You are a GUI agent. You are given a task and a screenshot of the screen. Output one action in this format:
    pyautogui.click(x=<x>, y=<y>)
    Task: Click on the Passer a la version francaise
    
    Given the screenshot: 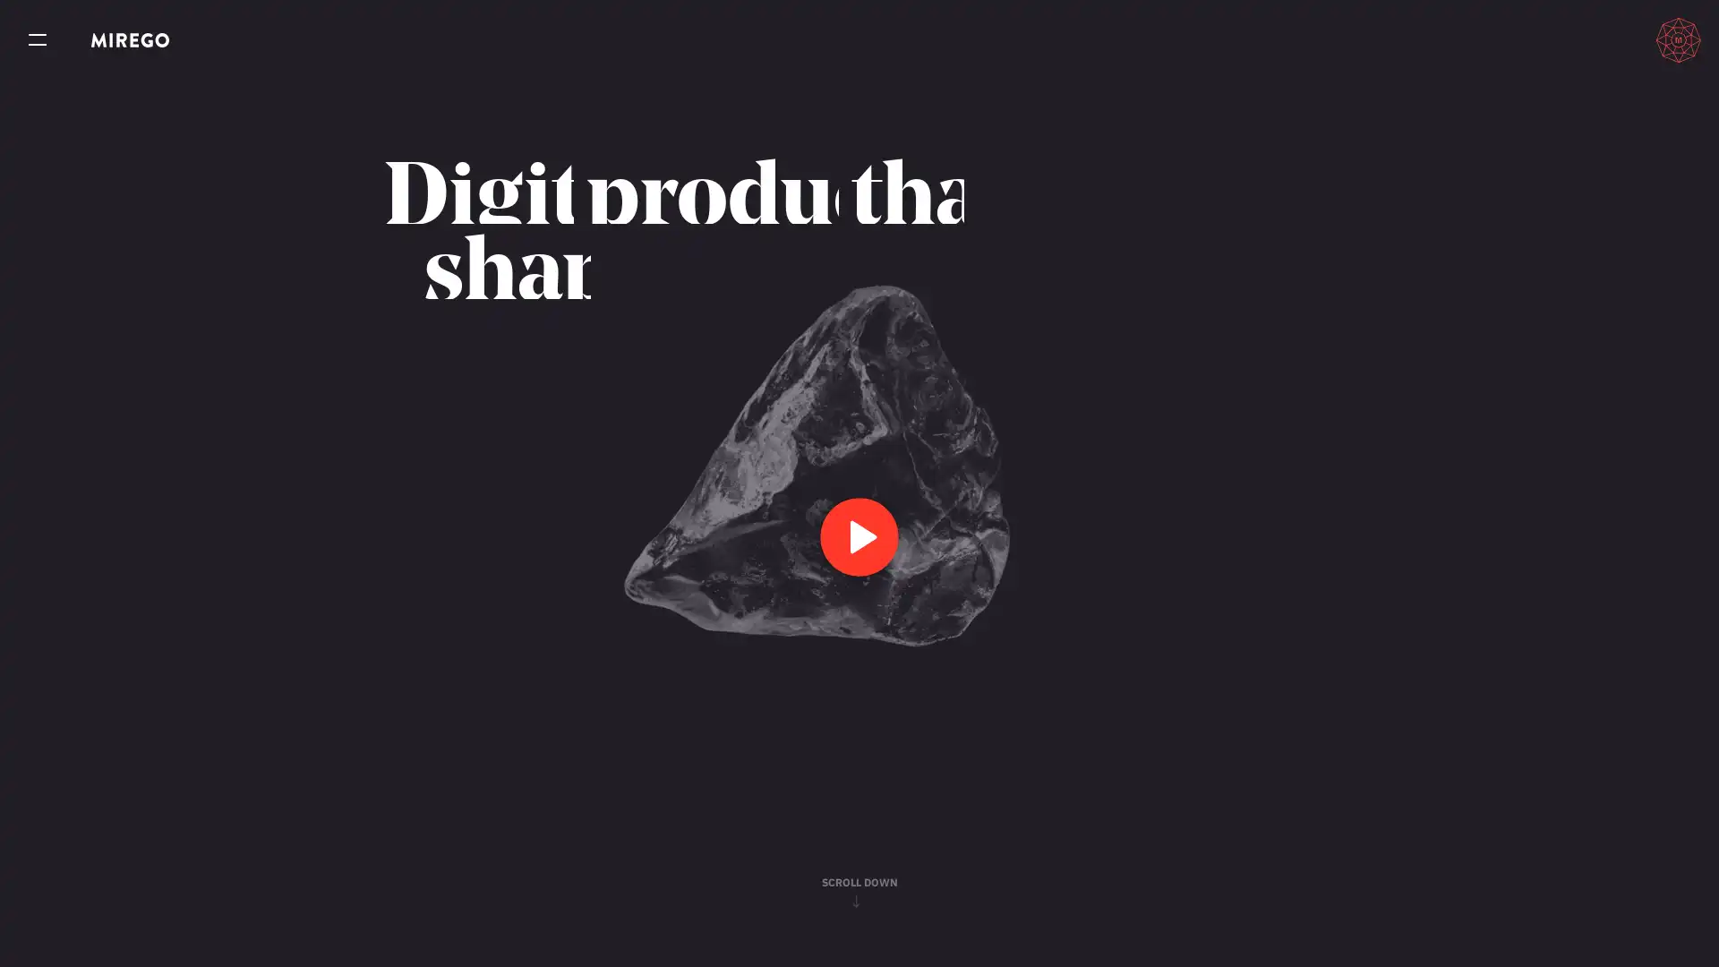 What is the action you would take?
    pyautogui.click(x=1595, y=39)
    